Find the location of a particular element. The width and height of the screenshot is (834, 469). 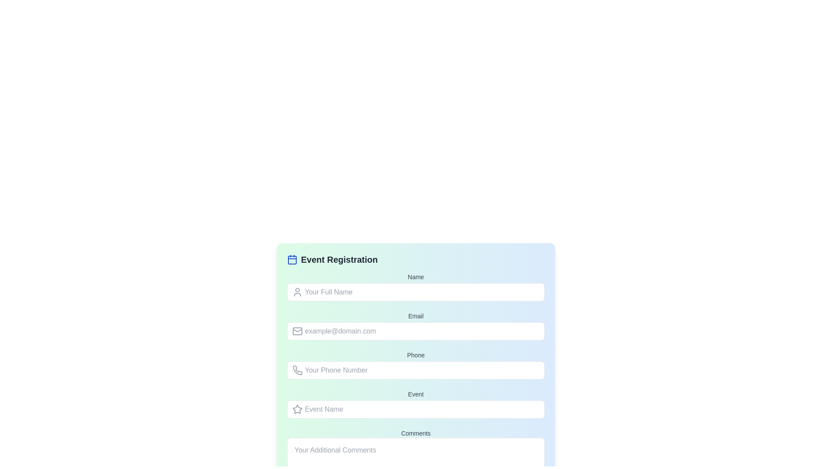

the calendar icon located to the left of the 'Event Registration' text in the header section of the form interface is located at coordinates (292, 259).